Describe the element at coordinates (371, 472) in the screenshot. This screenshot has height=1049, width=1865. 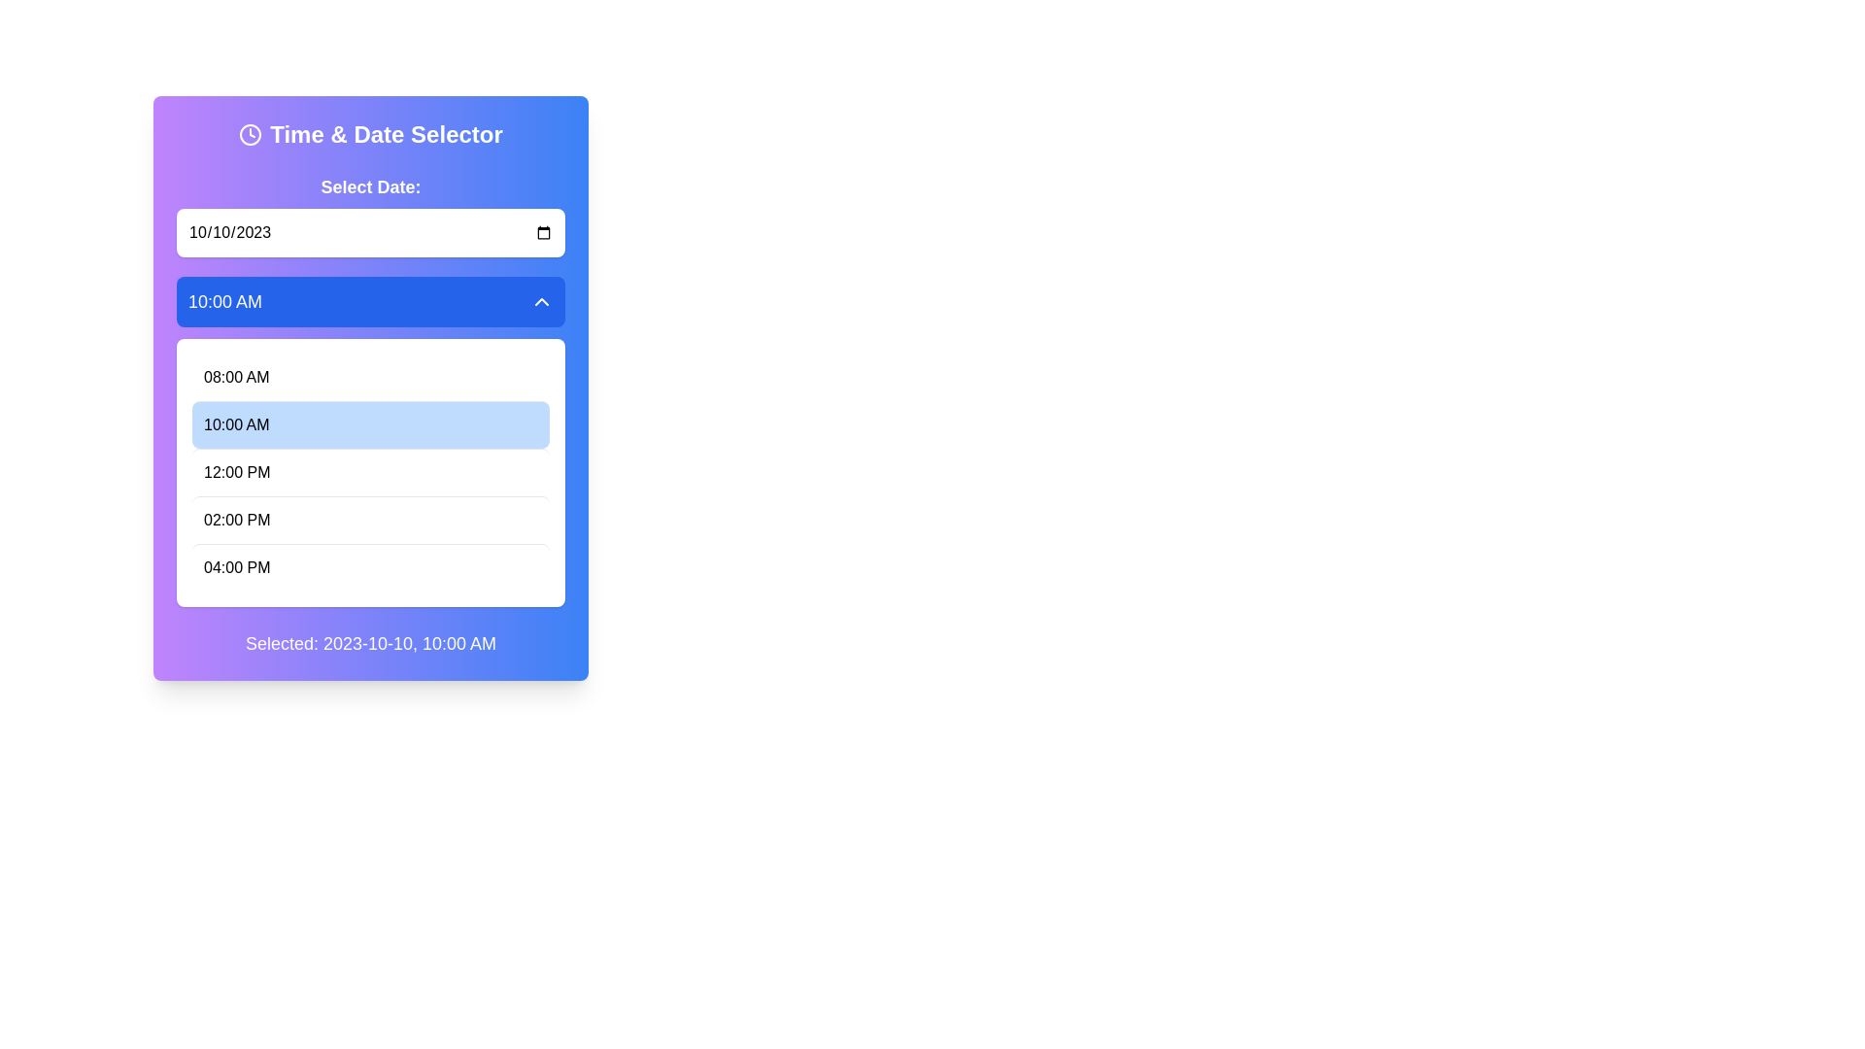
I see `the third time slot labeled '12:00 PM' in the dropdown list of selectable time options for navigation` at that location.